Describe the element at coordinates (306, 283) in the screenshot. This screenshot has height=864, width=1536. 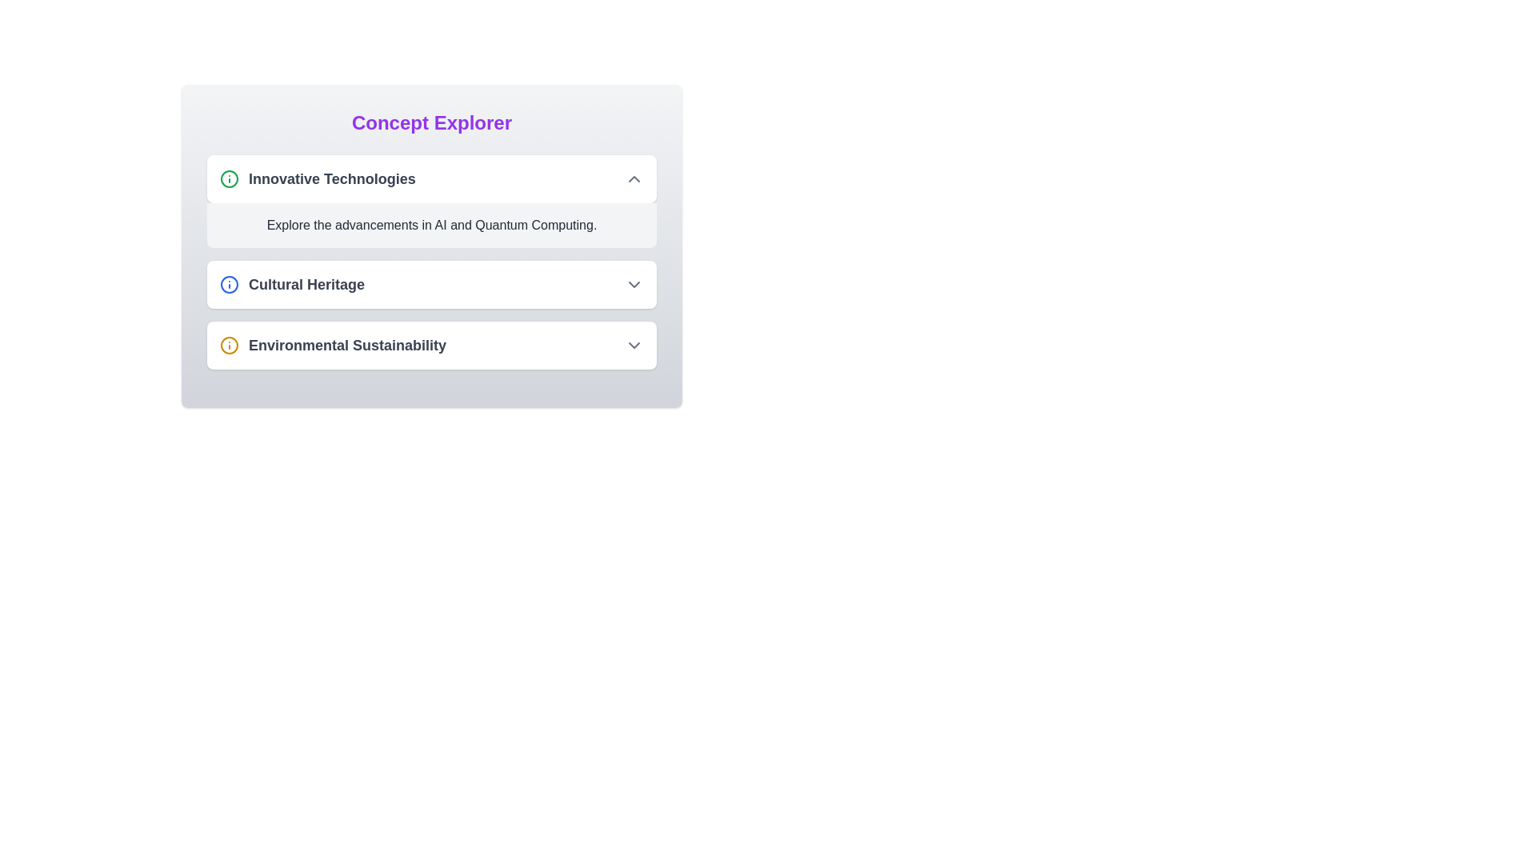
I see `the text label that identifies a conceptual category or section, located to the right of the information icon in the second list item of the Concept Explorer section` at that location.